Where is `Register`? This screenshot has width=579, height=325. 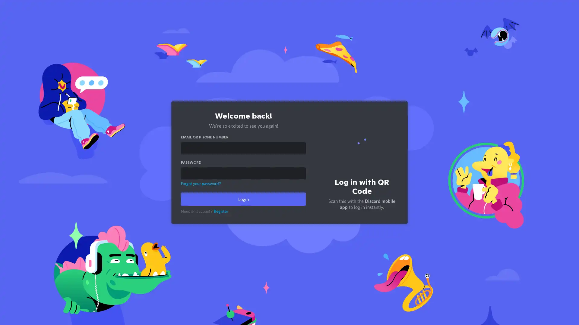
Register is located at coordinates (221, 211).